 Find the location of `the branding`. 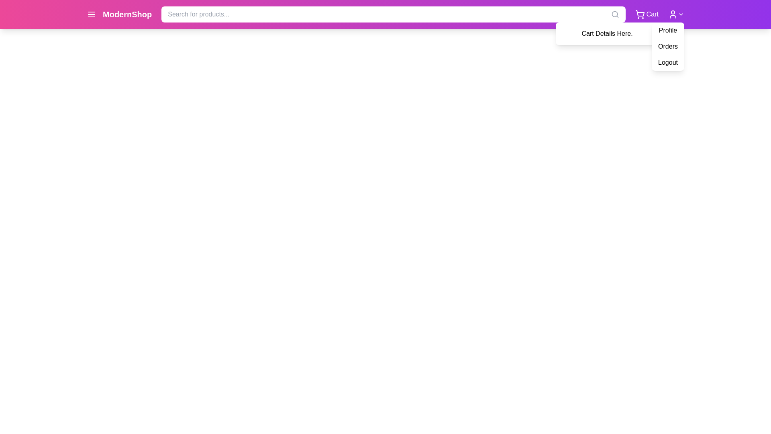

the branding is located at coordinates (127, 14).